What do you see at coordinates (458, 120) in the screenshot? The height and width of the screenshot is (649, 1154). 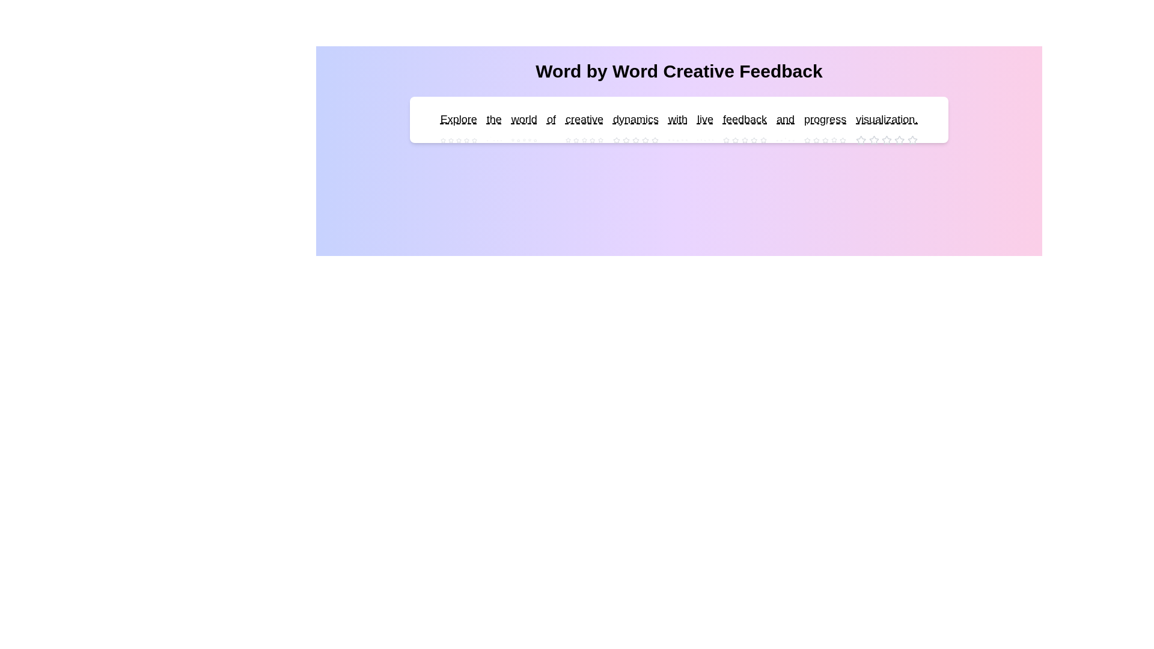 I see `the word 'Explore' to see its interactive area` at bounding box center [458, 120].